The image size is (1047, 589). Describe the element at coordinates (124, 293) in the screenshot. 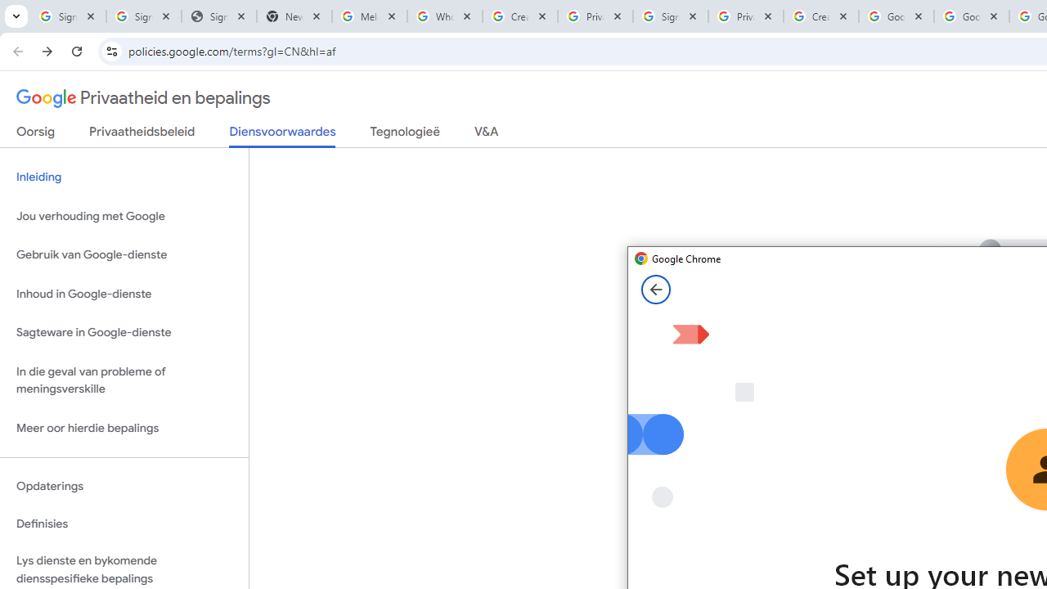

I see `'Inhoud in Google-dienste'` at that location.